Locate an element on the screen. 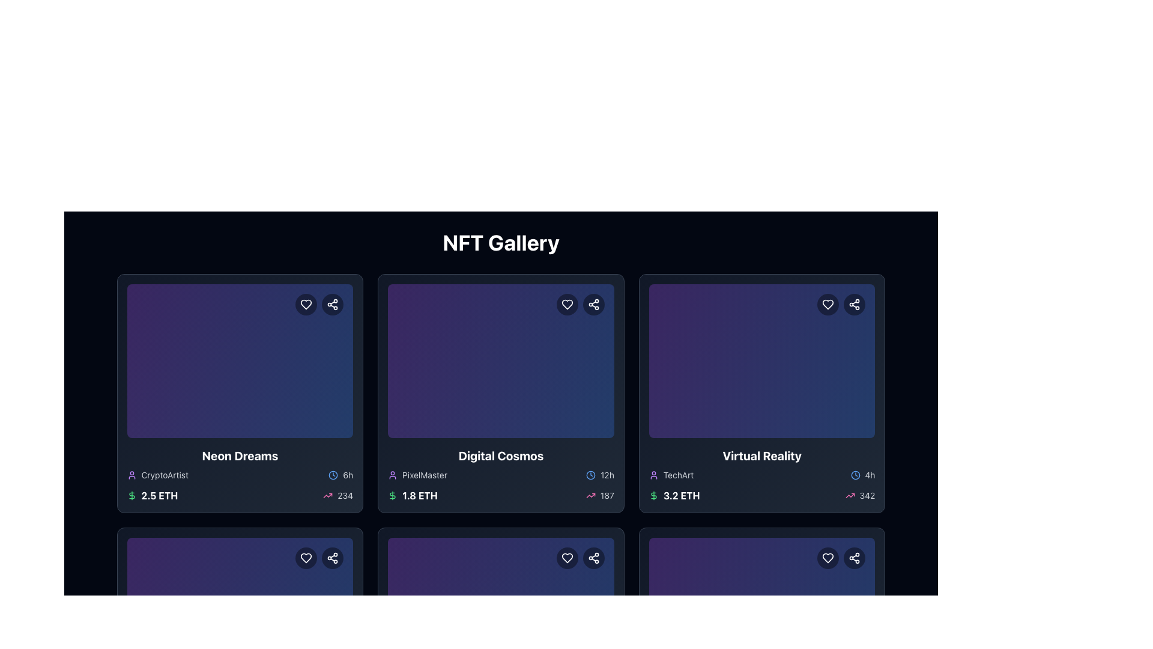  text from the User label with icon that signifies the user or author name 'PixelMaster', located in the bottom left corner of the 'Digital Cosmos' card, above the cryptocurrency value is located at coordinates (417, 474).